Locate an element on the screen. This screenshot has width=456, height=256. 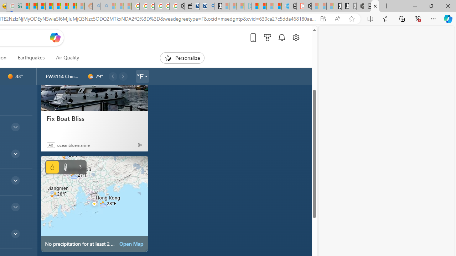
'Air Quality' is located at coordinates (68, 58).